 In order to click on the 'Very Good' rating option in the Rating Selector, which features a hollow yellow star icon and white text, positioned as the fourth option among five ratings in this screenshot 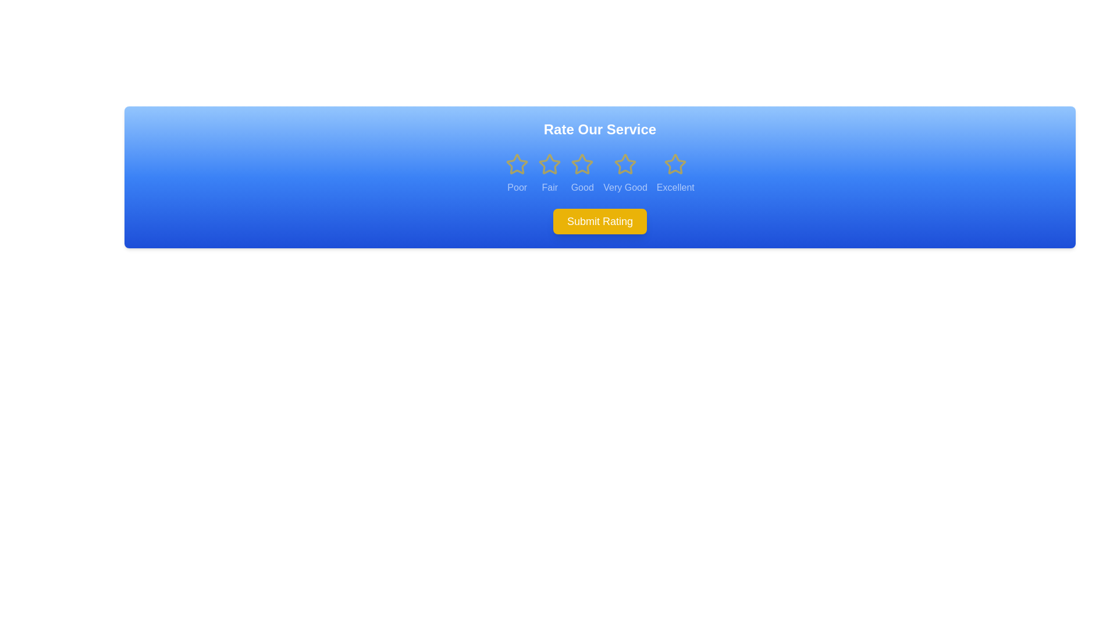, I will do `click(625, 174)`.